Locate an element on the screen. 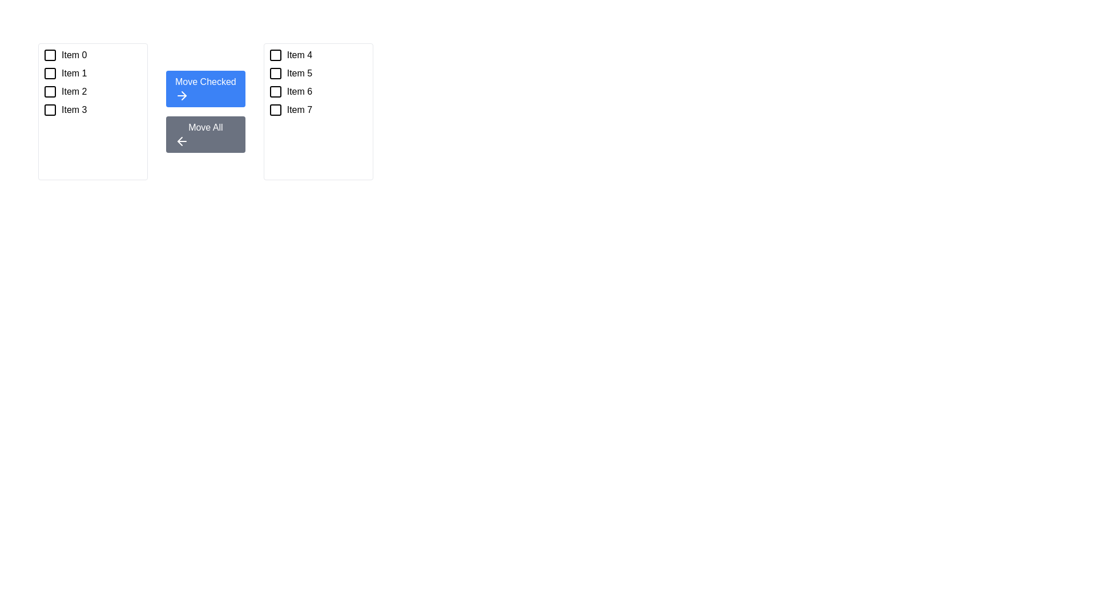 The image size is (1096, 616). the checkbox associated with 'Item 5' is located at coordinates (275, 73).